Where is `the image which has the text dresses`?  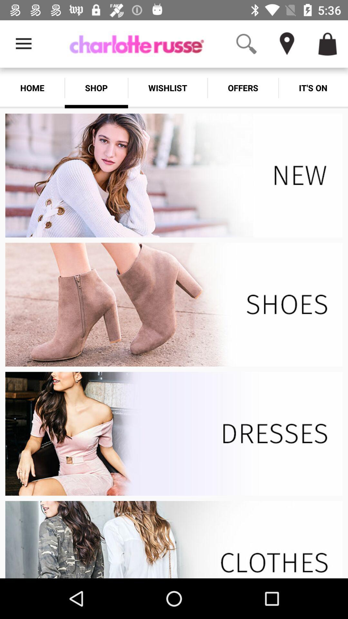
the image which has the text dresses is located at coordinates (174, 434).